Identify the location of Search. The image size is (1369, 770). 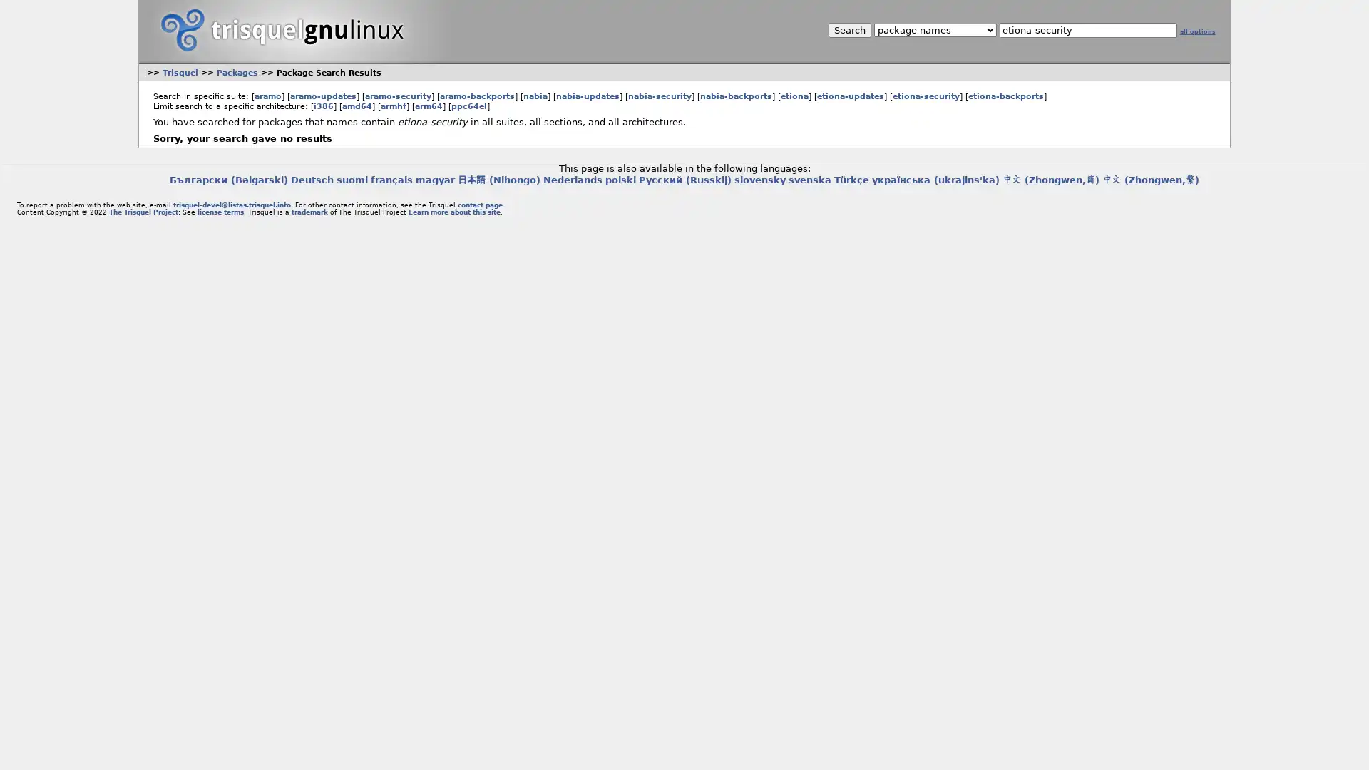
(848, 30).